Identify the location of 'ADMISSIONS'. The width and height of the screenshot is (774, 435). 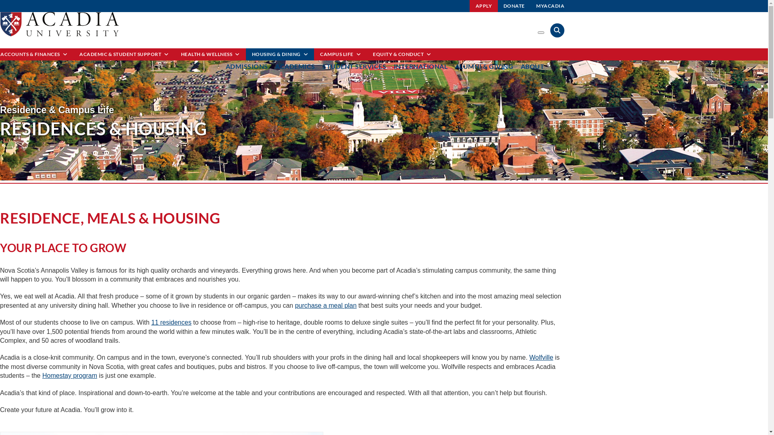
(246, 66).